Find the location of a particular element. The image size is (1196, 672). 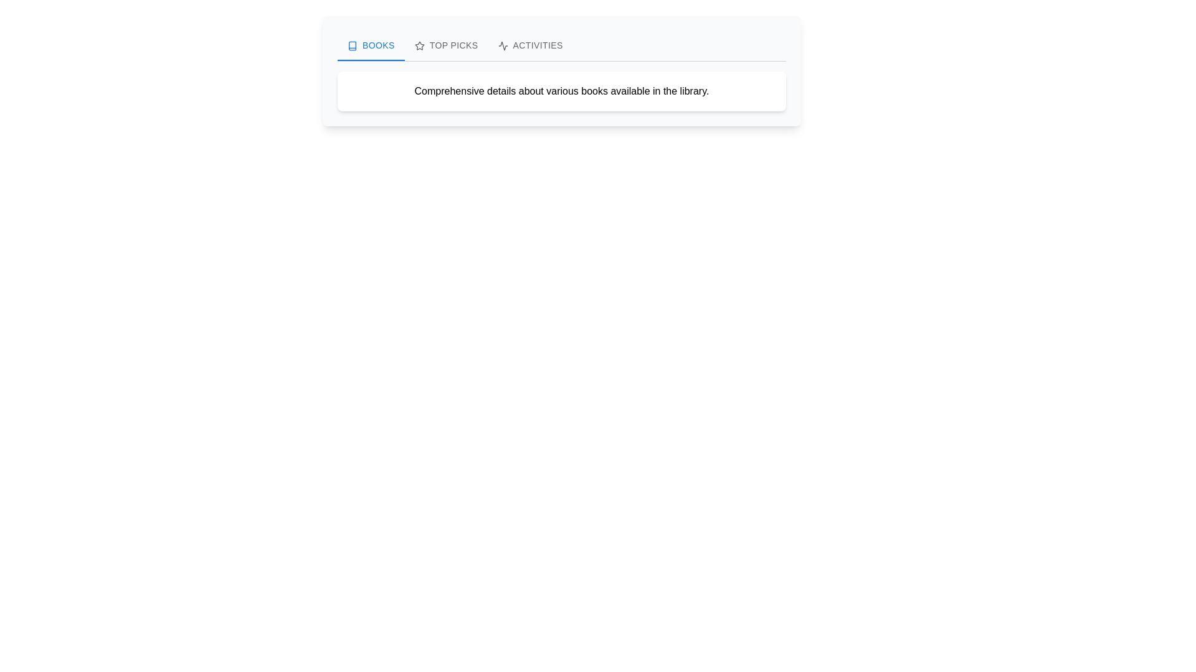

the 'Books' icon in the navigation bar, which is the first icon representing the 'Books' section located in the top-left quadrant of the interface is located at coordinates (352, 45).